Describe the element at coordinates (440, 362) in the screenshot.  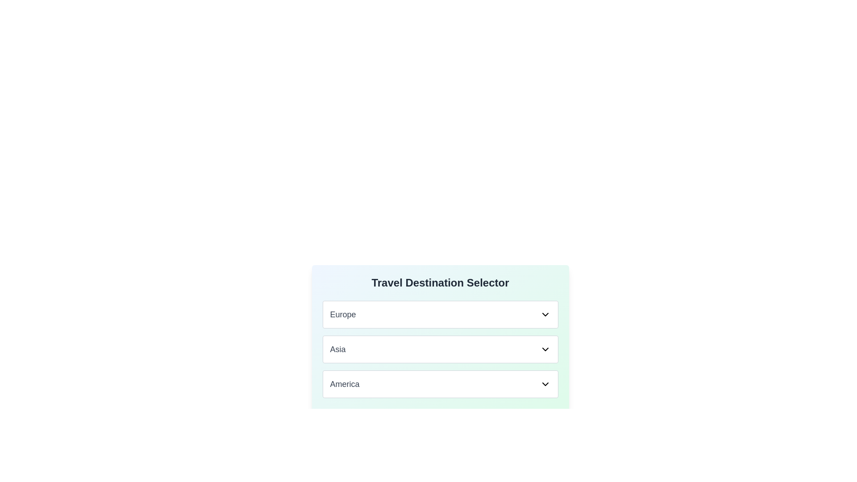
I see `the composite UI section for selecting travel destinations, which includes options for Europe, Asia, and America` at that location.